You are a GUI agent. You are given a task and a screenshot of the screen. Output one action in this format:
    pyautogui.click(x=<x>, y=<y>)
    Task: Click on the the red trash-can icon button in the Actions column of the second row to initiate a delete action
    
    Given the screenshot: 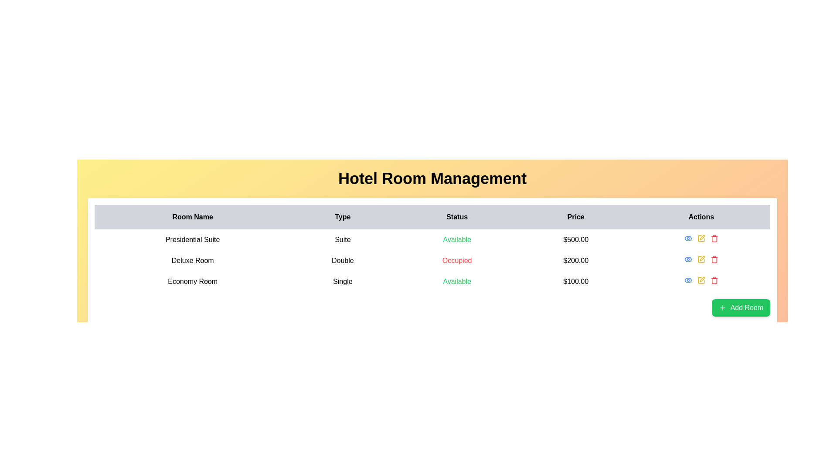 What is the action you would take?
    pyautogui.click(x=714, y=259)
    